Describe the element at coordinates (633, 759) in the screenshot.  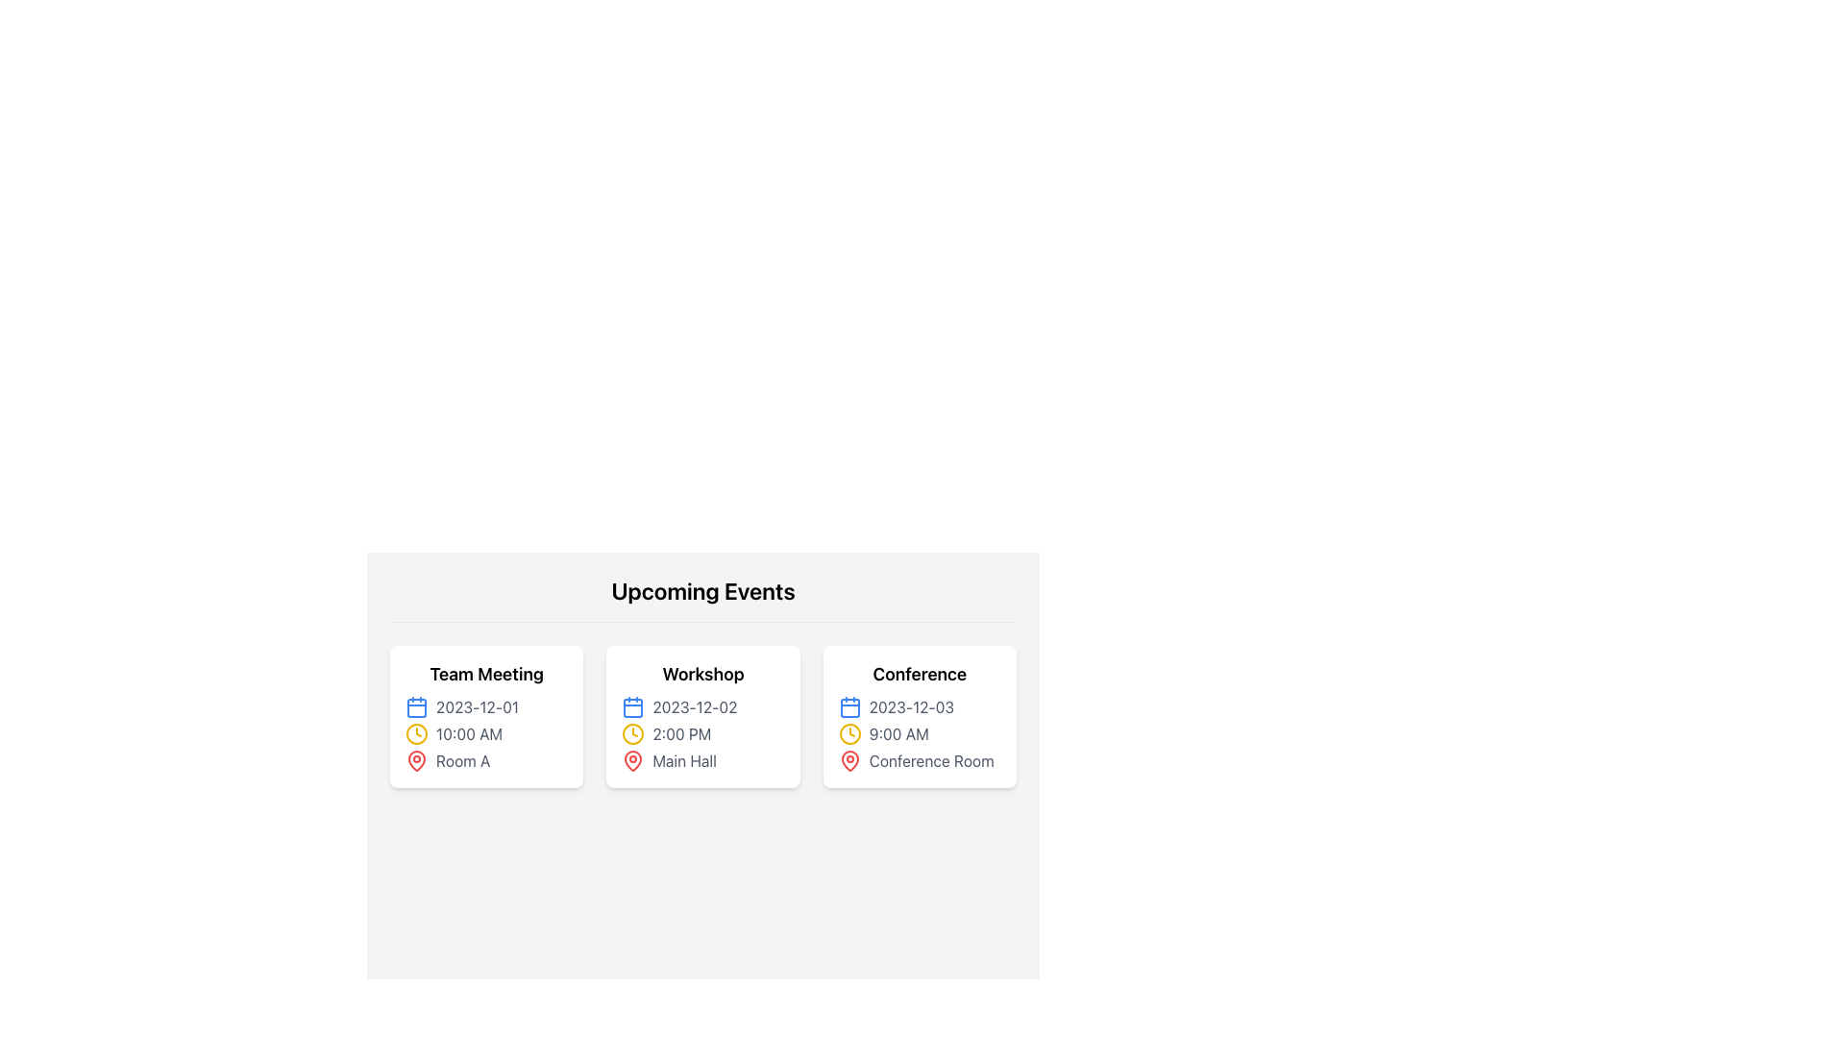
I see `the location pin icon, which is the bottom part of the map pin icon on the 'Workshop' card in the 'Upcoming Events' section` at that location.